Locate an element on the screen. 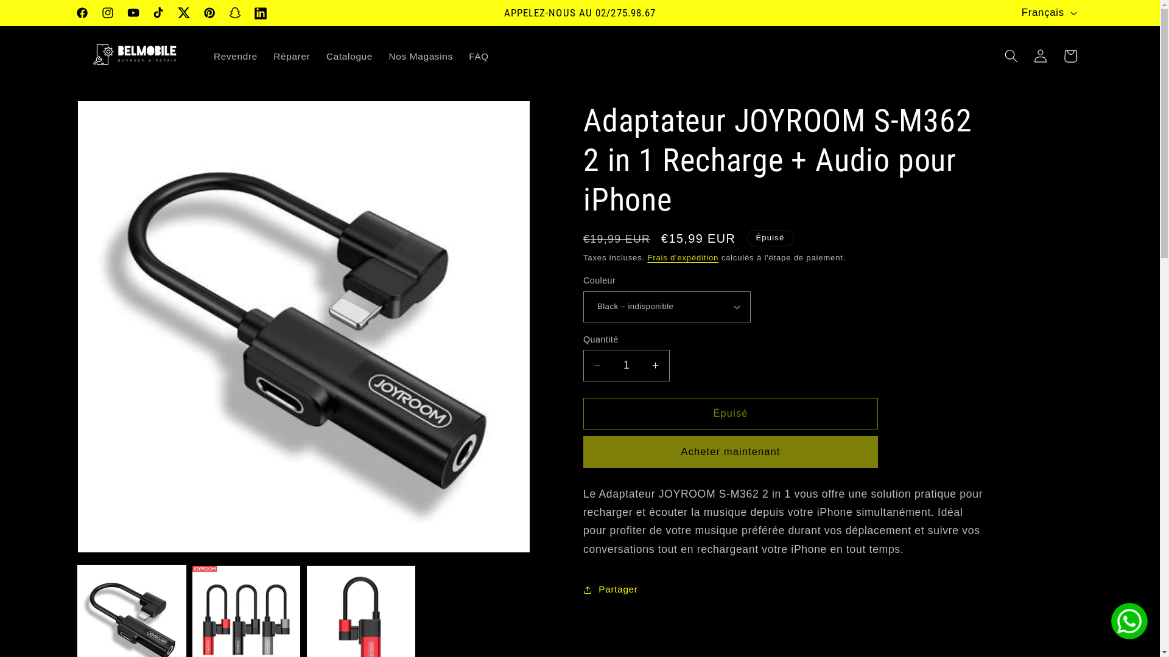  'FAQ' is located at coordinates (478, 56).